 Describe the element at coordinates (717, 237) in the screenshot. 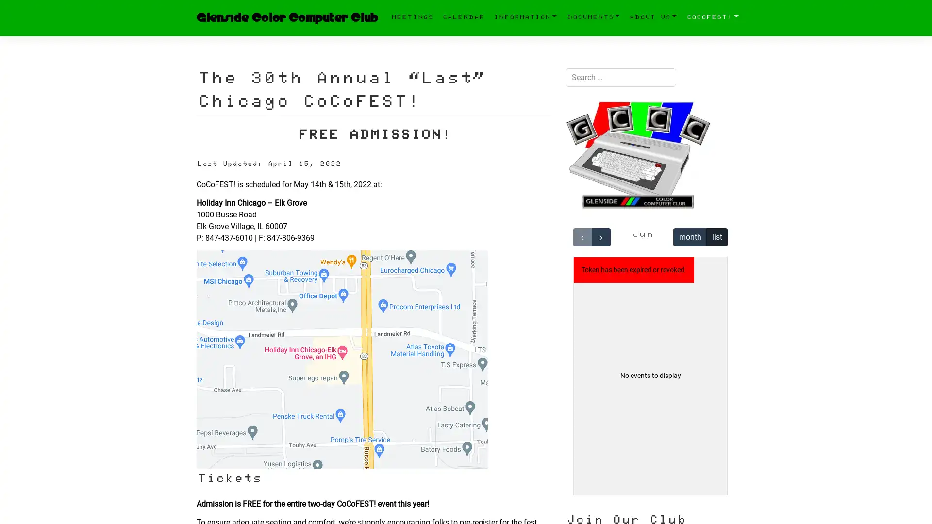

I see `list` at that location.